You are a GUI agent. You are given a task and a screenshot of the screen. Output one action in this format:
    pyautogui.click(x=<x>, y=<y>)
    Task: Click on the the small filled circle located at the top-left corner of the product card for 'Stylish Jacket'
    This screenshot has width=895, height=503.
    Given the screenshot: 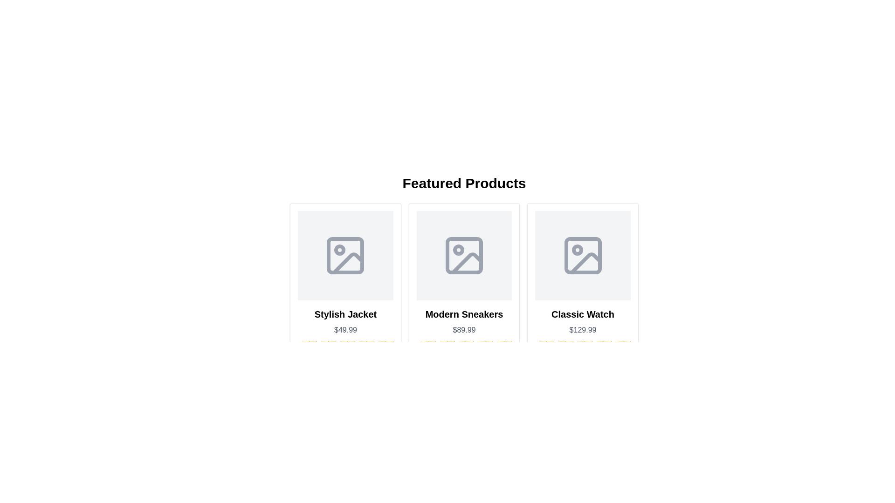 What is the action you would take?
    pyautogui.click(x=339, y=249)
    